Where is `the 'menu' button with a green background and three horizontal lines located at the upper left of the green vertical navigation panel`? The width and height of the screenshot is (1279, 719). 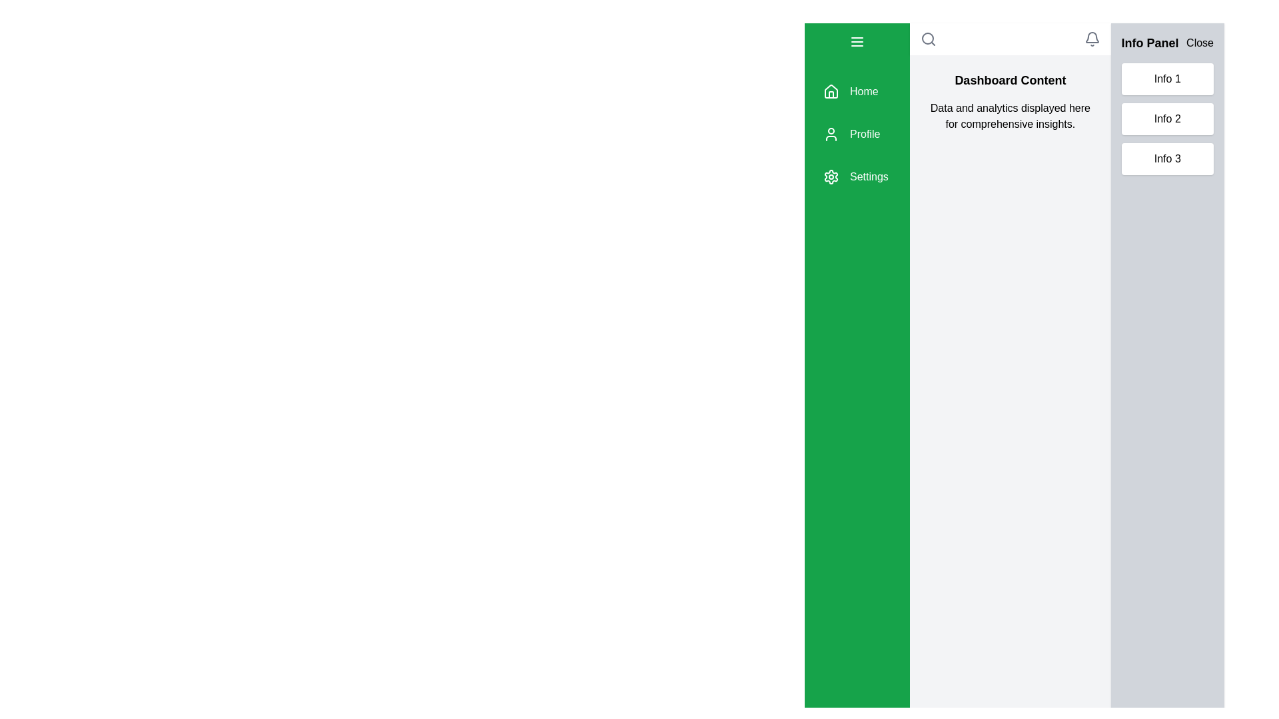
the 'menu' button with a green background and three horizontal lines located at the upper left of the green vertical navigation panel is located at coordinates (857, 41).